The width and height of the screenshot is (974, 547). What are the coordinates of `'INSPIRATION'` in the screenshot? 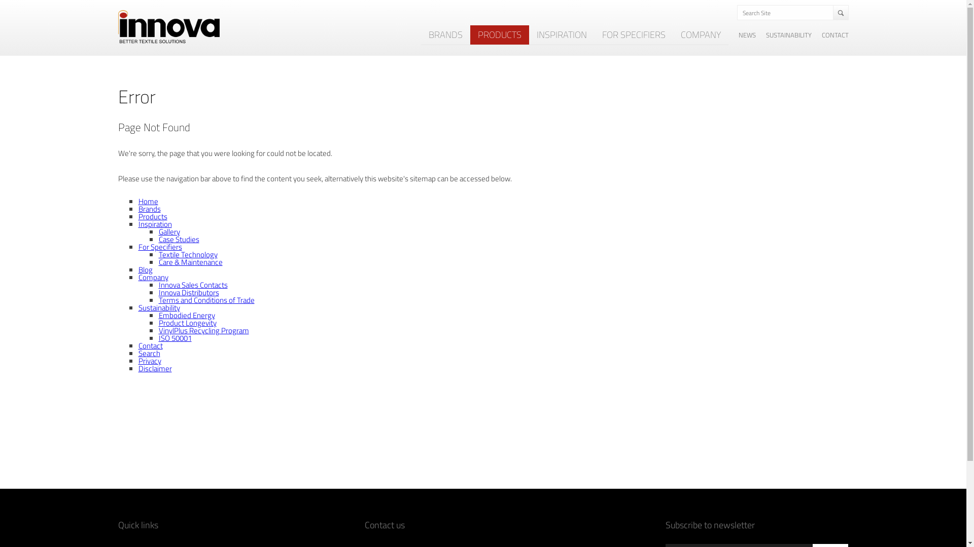 It's located at (528, 34).